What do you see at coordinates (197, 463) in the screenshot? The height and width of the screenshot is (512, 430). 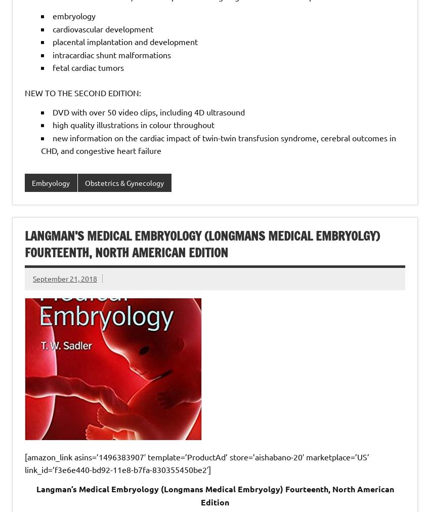 I see `'[amazon_link asins=’1496383907′ template=’ProductAd’ store=’aishabano-20′ marketplace=’US’ link_id=’f3e6e440-bd92-11e8-b7fa-830355450be2′]'` at bounding box center [197, 463].